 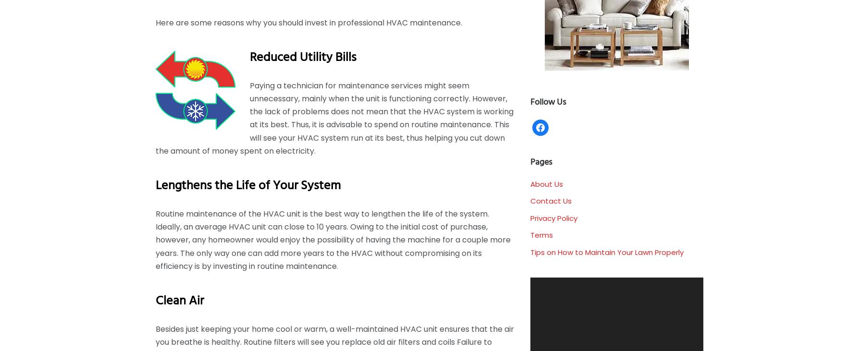 I want to click on 'About Us', so click(x=546, y=183).